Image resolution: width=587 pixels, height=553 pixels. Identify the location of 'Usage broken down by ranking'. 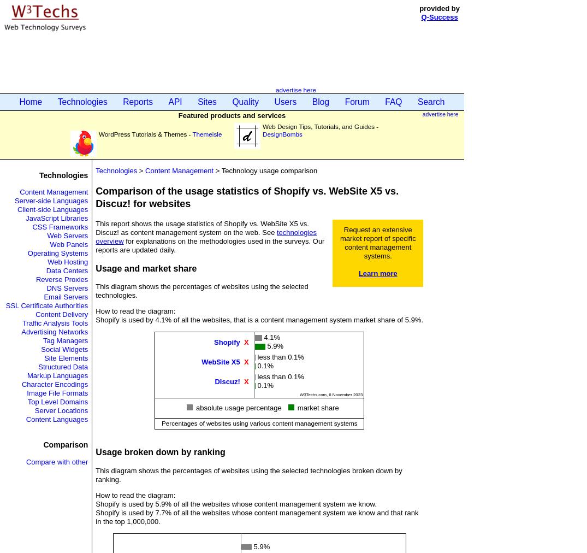
(96, 451).